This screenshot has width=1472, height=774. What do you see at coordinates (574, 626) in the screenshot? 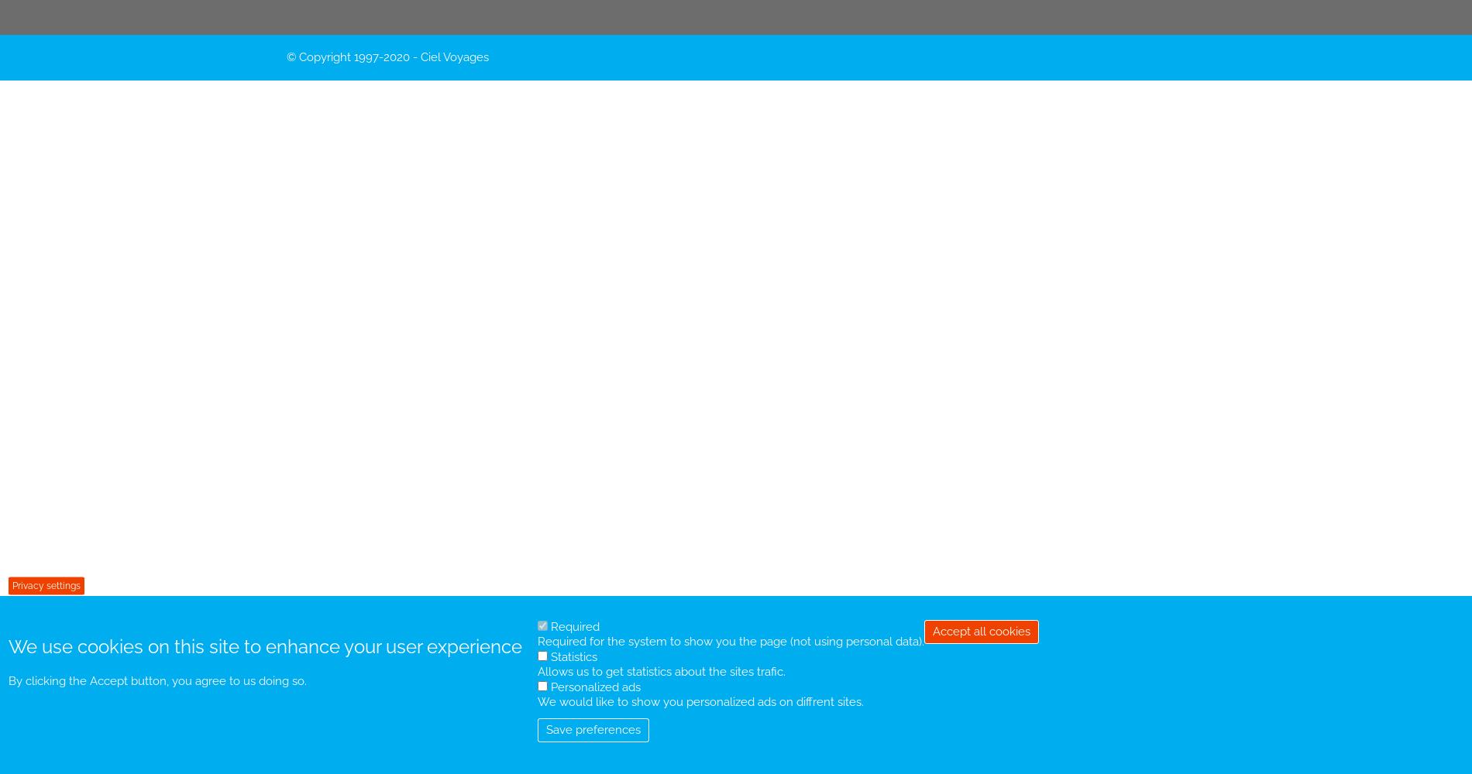
I see `'Required'` at bounding box center [574, 626].